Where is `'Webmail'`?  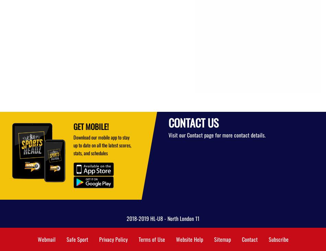 'Webmail' is located at coordinates (46, 239).